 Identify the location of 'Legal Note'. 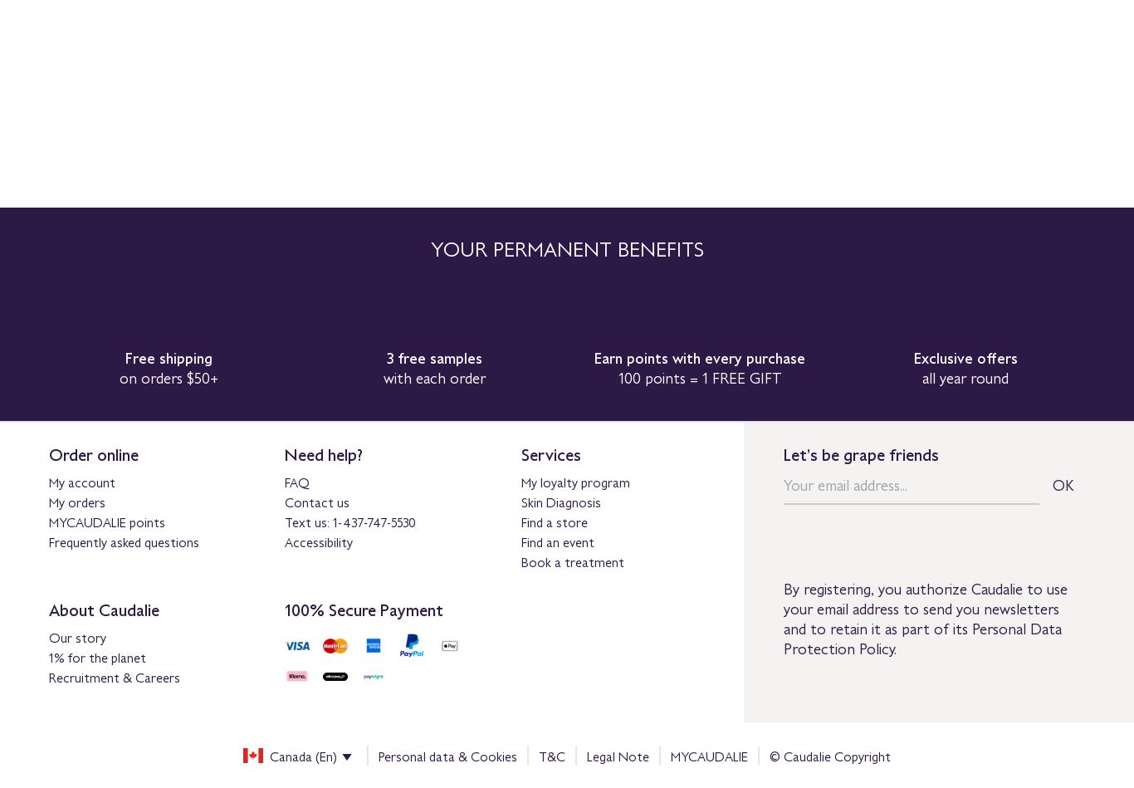
(618, 754).